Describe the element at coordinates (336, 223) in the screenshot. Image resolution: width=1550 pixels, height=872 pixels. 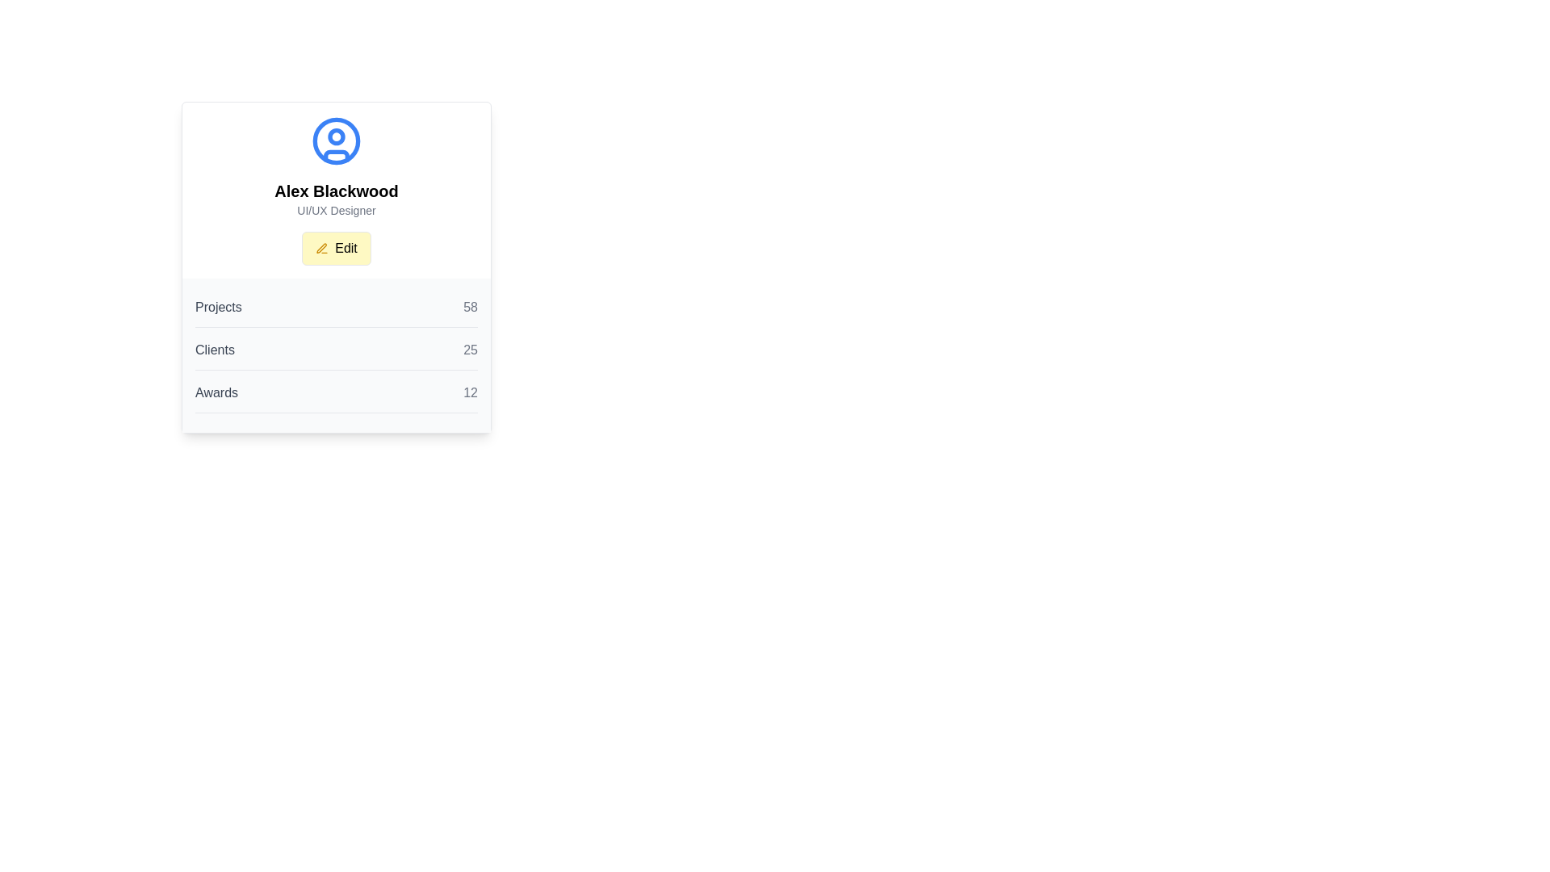
I see `the displayed text in the Profile information section, which includes the user's name, role, and the 'Edit' button located in the upper center of the profile card` at that location.